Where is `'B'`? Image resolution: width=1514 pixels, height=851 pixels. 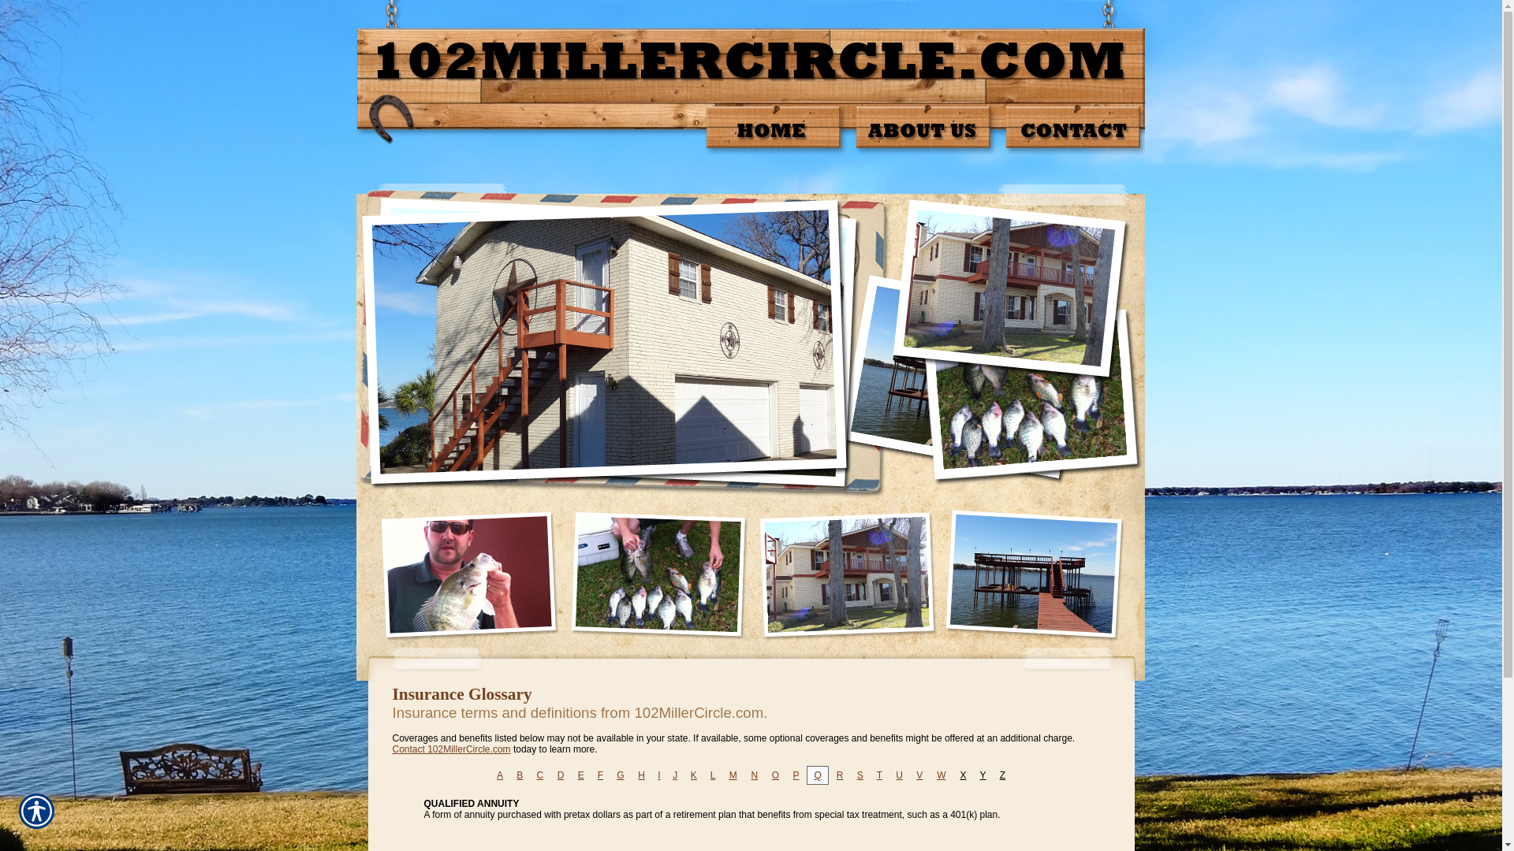
'B' is located at coordinates (519, 774).